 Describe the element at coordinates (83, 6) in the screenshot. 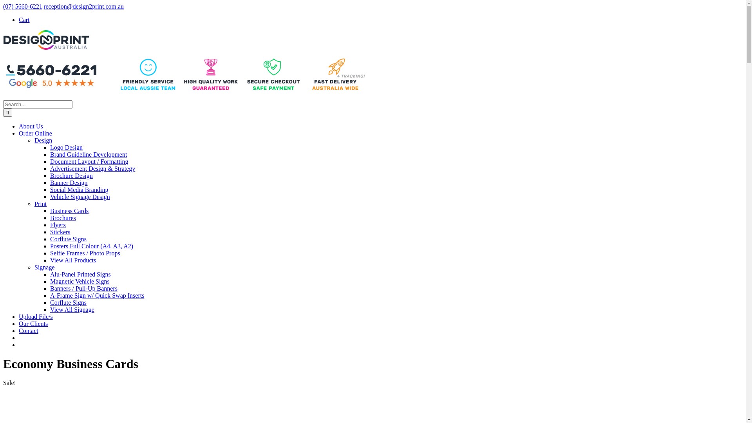

I see `'reception@design2print.com.au'` at that location.